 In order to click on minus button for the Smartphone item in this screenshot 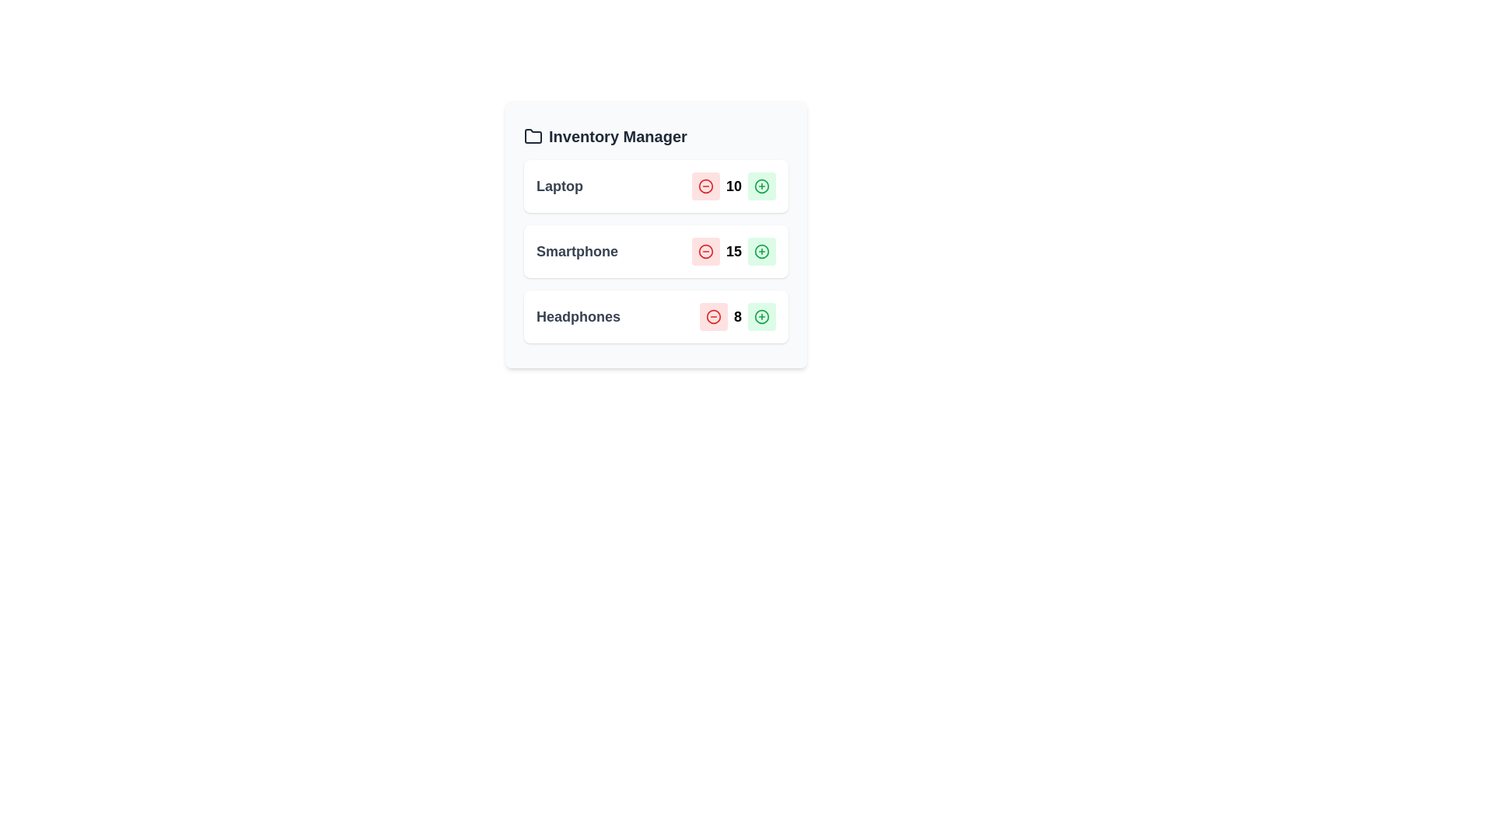, I will do `click(705, 251)`.